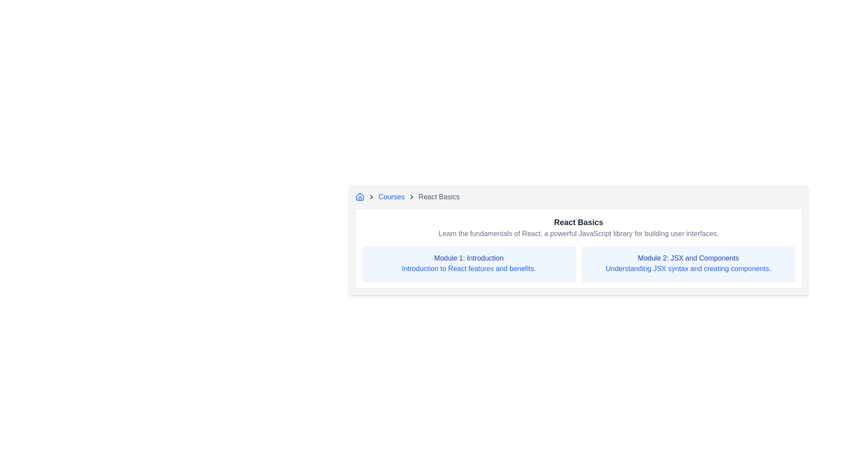  What do you see at coordinates (468, 263) in the screenshot?
I see `text from the Information Card located in the top-left quadrant of the layout, which summarizes the topic and description of a specific course module` at bounding box center [468, 263].